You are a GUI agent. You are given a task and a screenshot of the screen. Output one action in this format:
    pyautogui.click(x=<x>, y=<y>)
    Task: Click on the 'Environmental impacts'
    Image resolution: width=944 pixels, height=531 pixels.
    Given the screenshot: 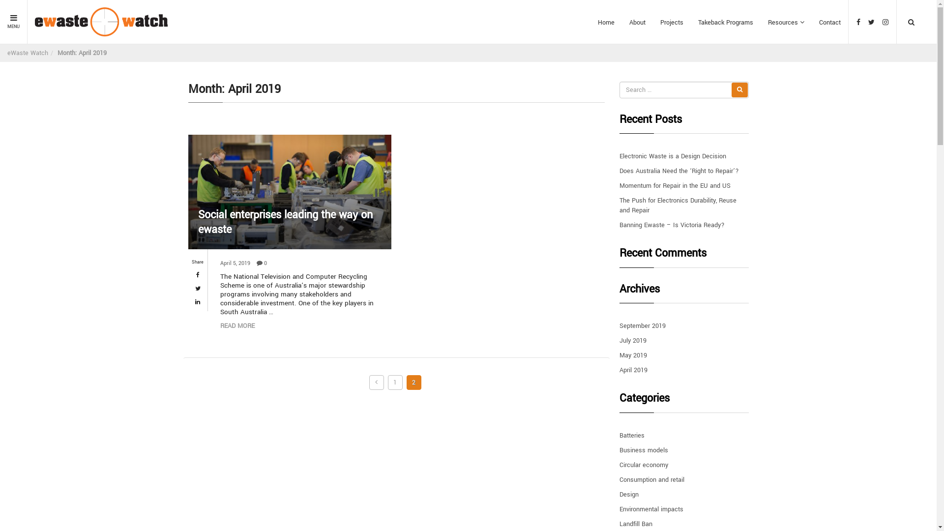 What is the action you would take?
    pyautogui.click(x=651, y=509)
    